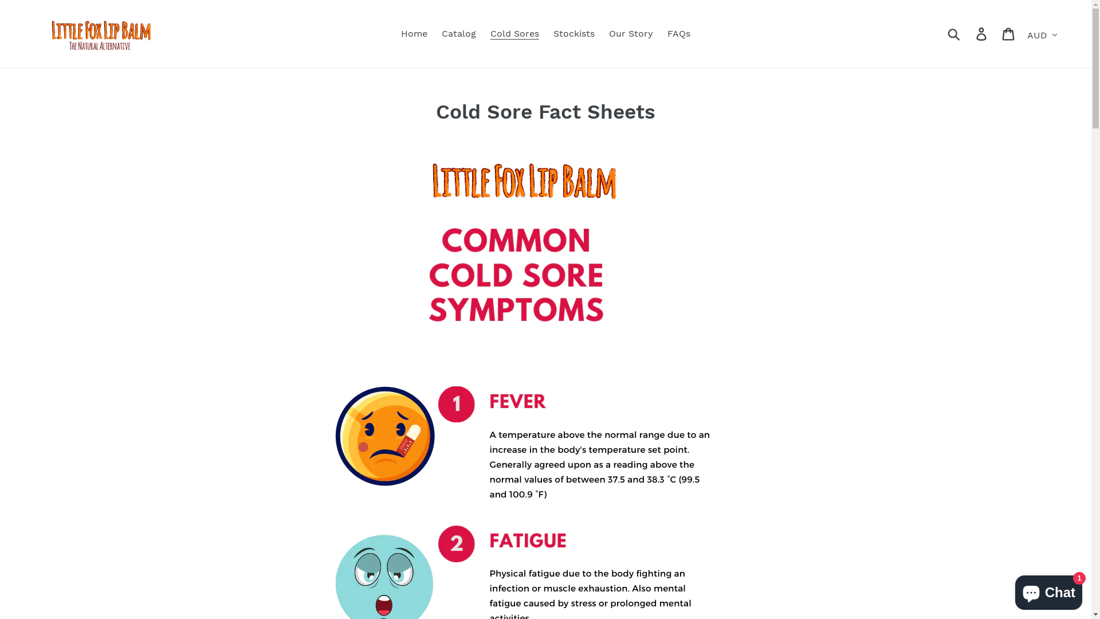 The width and height of the screenshot is (1100, 619). I want to click on 'Home', so click(414, 33).